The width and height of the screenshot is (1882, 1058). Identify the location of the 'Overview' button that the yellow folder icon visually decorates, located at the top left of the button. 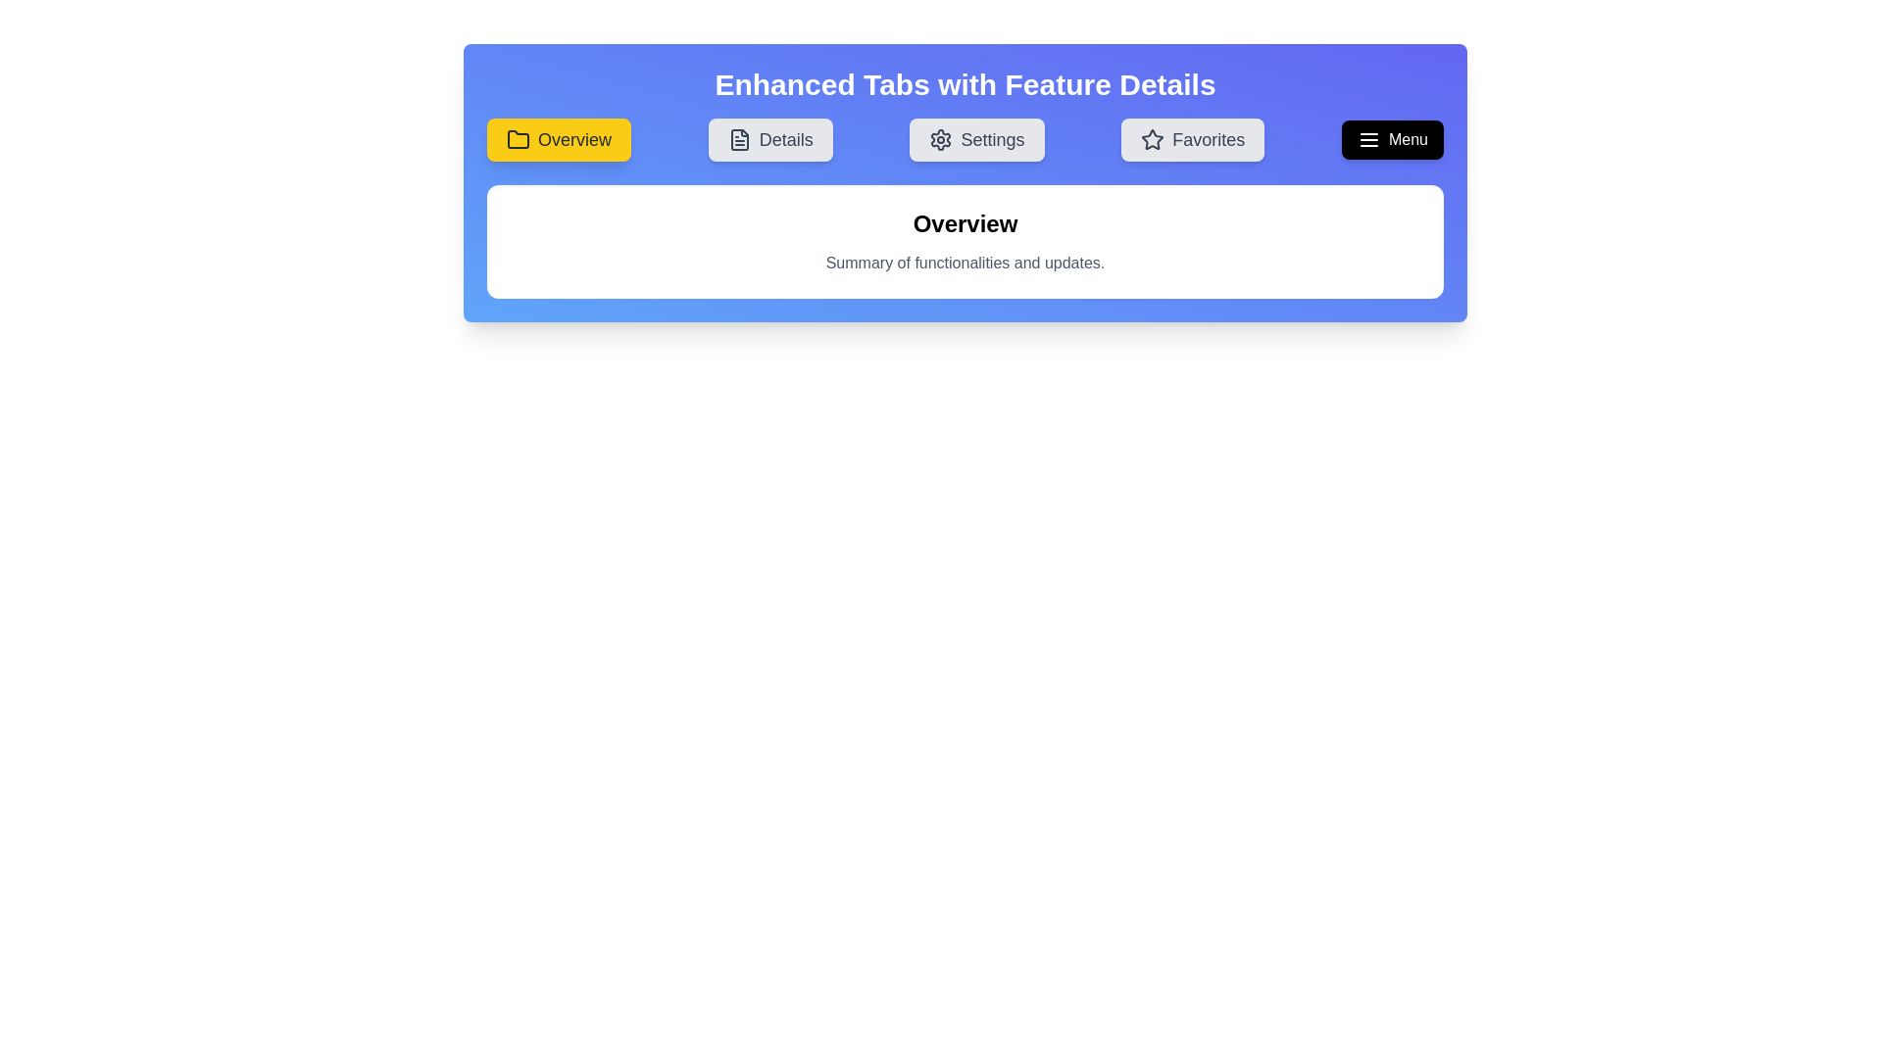
(518, 138).